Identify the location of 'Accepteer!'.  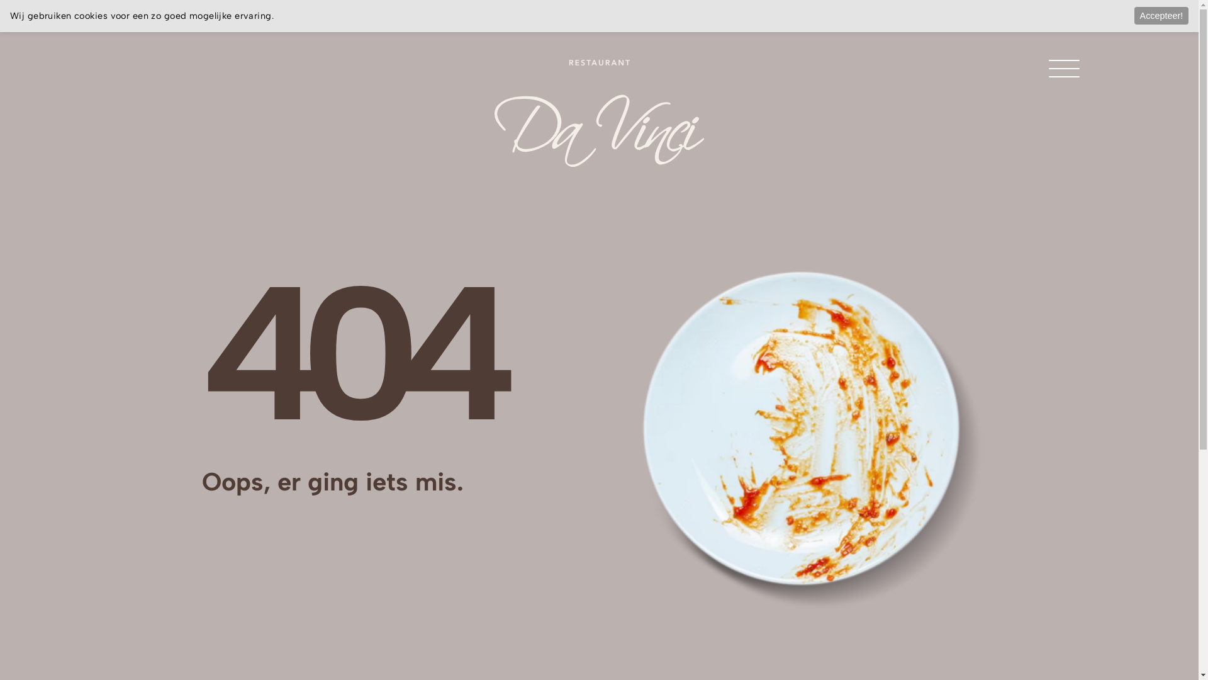
(1134, 15).